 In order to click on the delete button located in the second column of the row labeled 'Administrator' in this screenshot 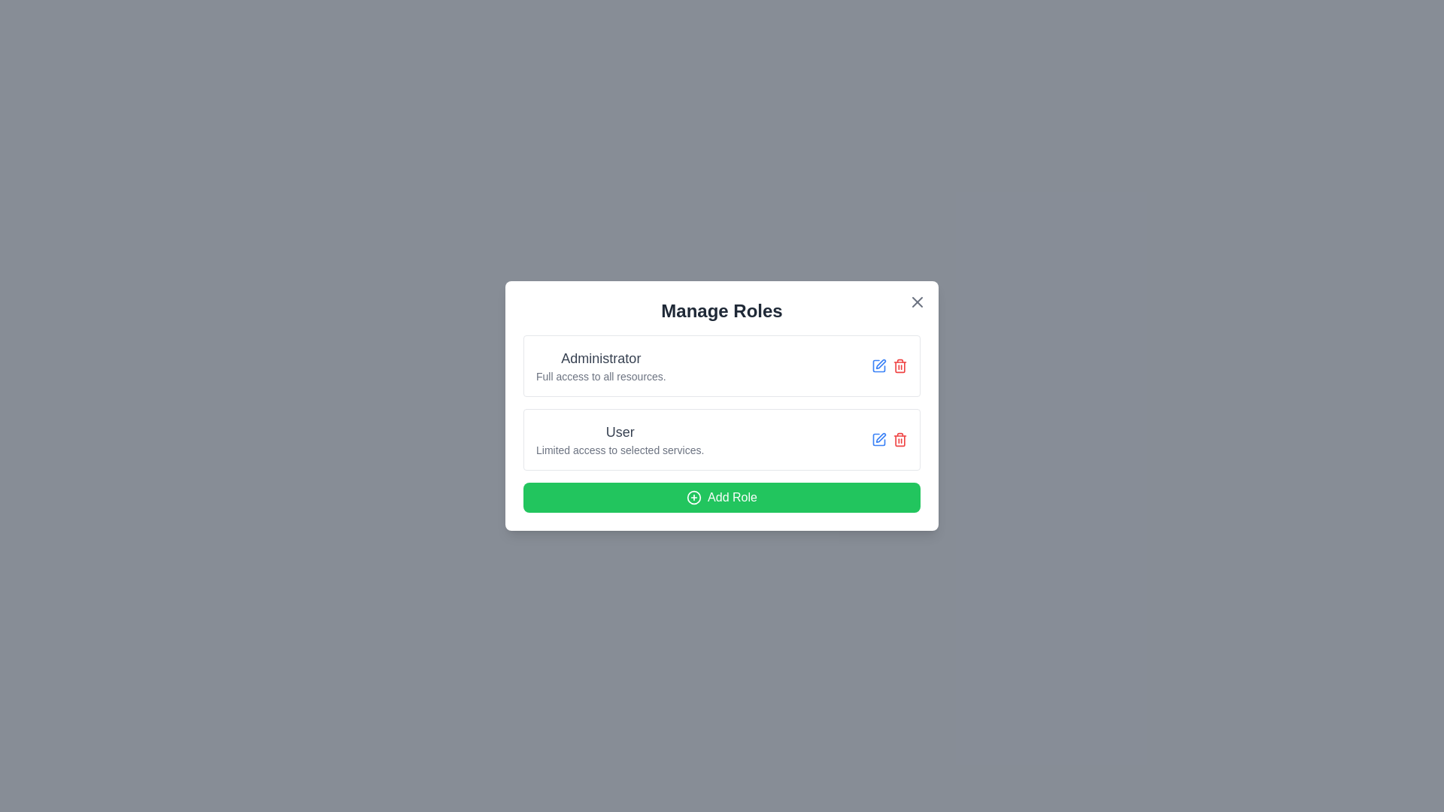, I will do `click(899, 365)`.